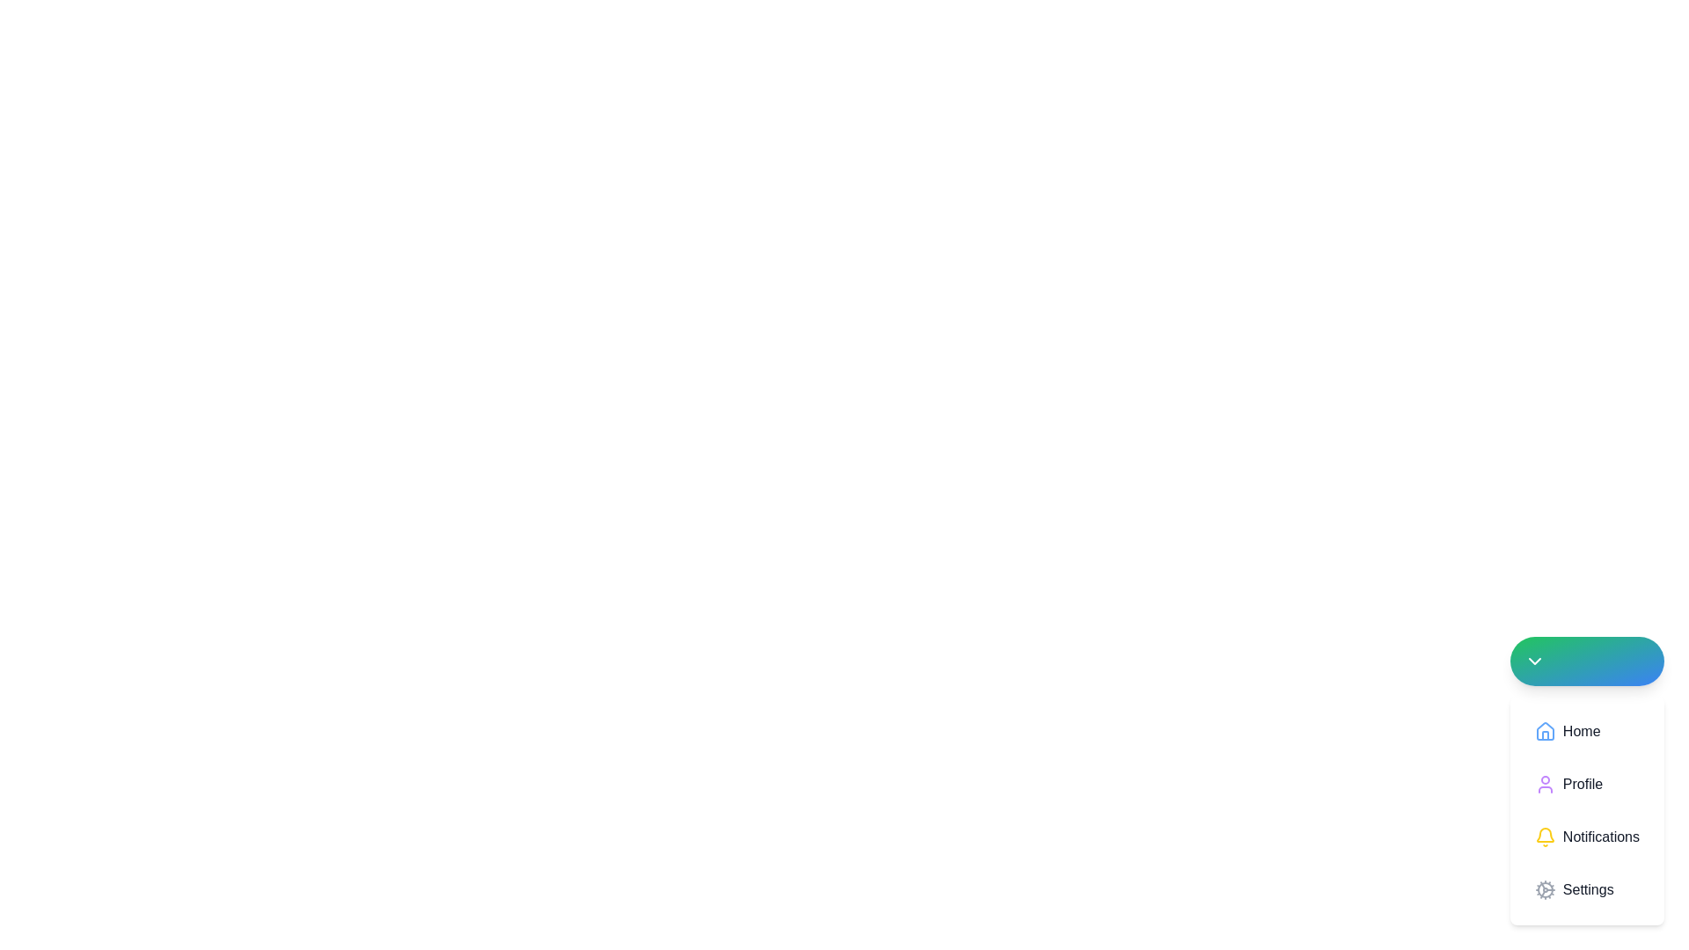 The height and width of the screenshot is (950, 1689). Describe the element at coordinates (1544, 732) in the screenshot. I see `the 'Home' icon (SVG) located in the vertical navigation menu, positioned to the left of the 'Home' text` at that location.